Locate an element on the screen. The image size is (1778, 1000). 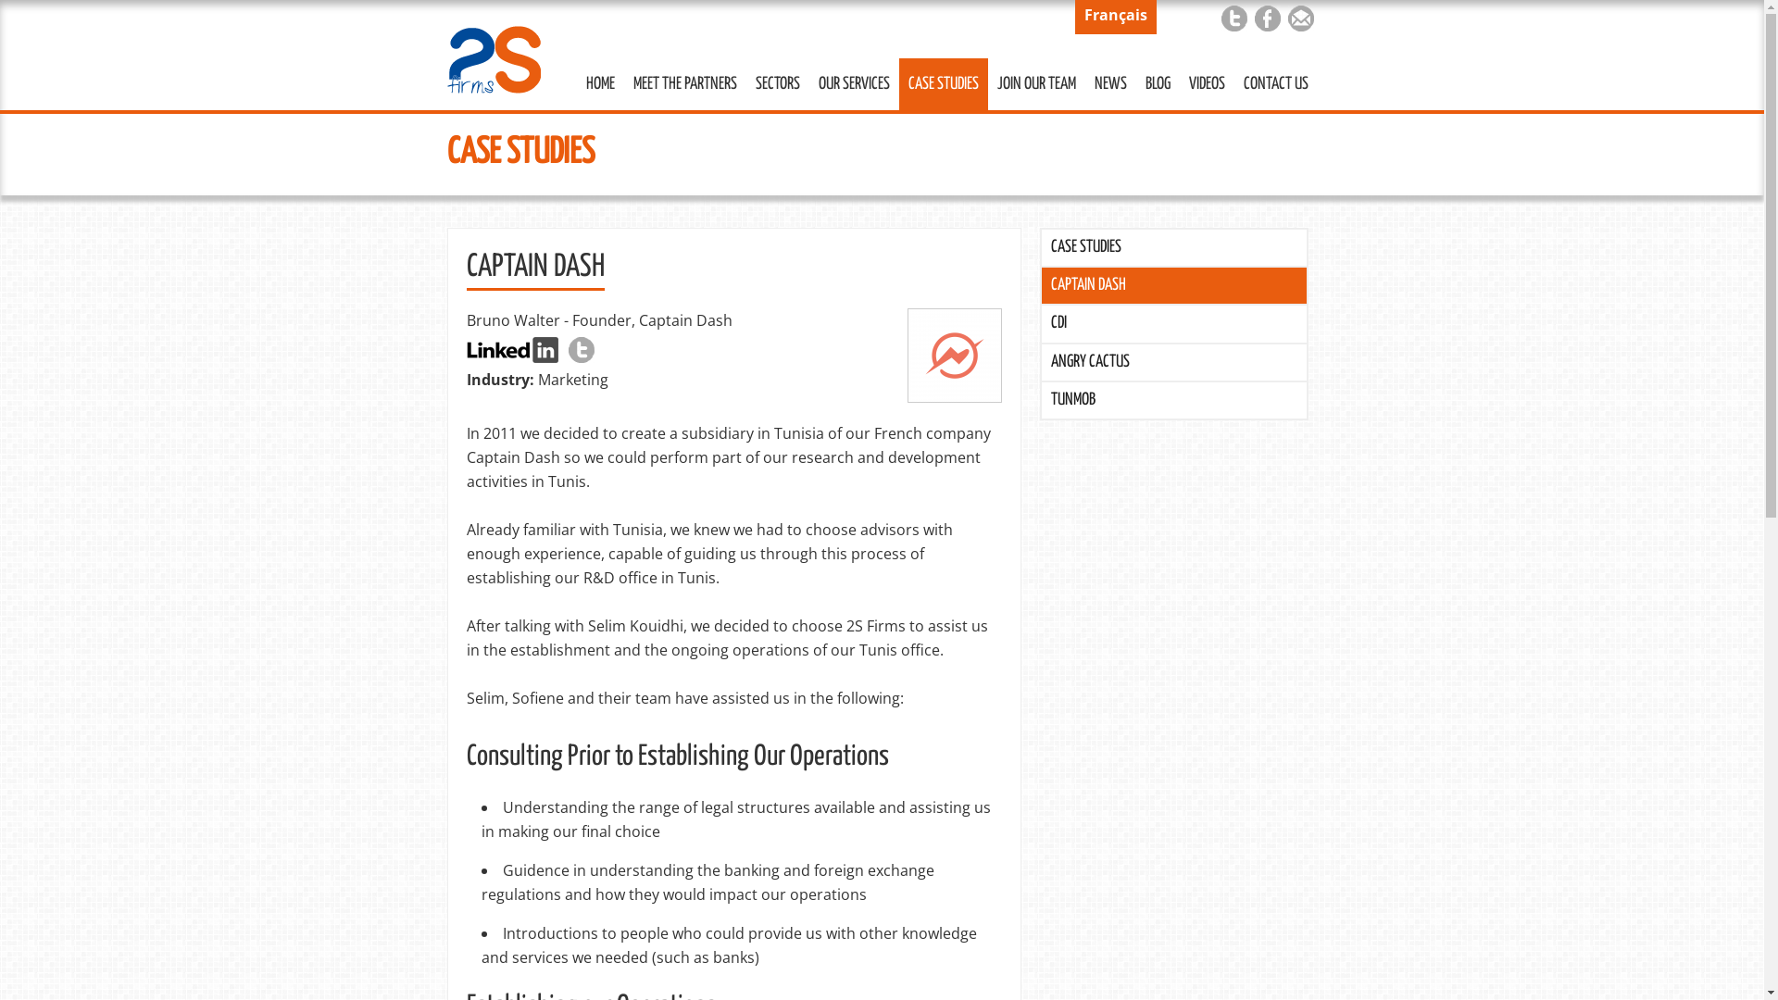
'CAPTAIN DASH' is located at coordinates (1172, 285).